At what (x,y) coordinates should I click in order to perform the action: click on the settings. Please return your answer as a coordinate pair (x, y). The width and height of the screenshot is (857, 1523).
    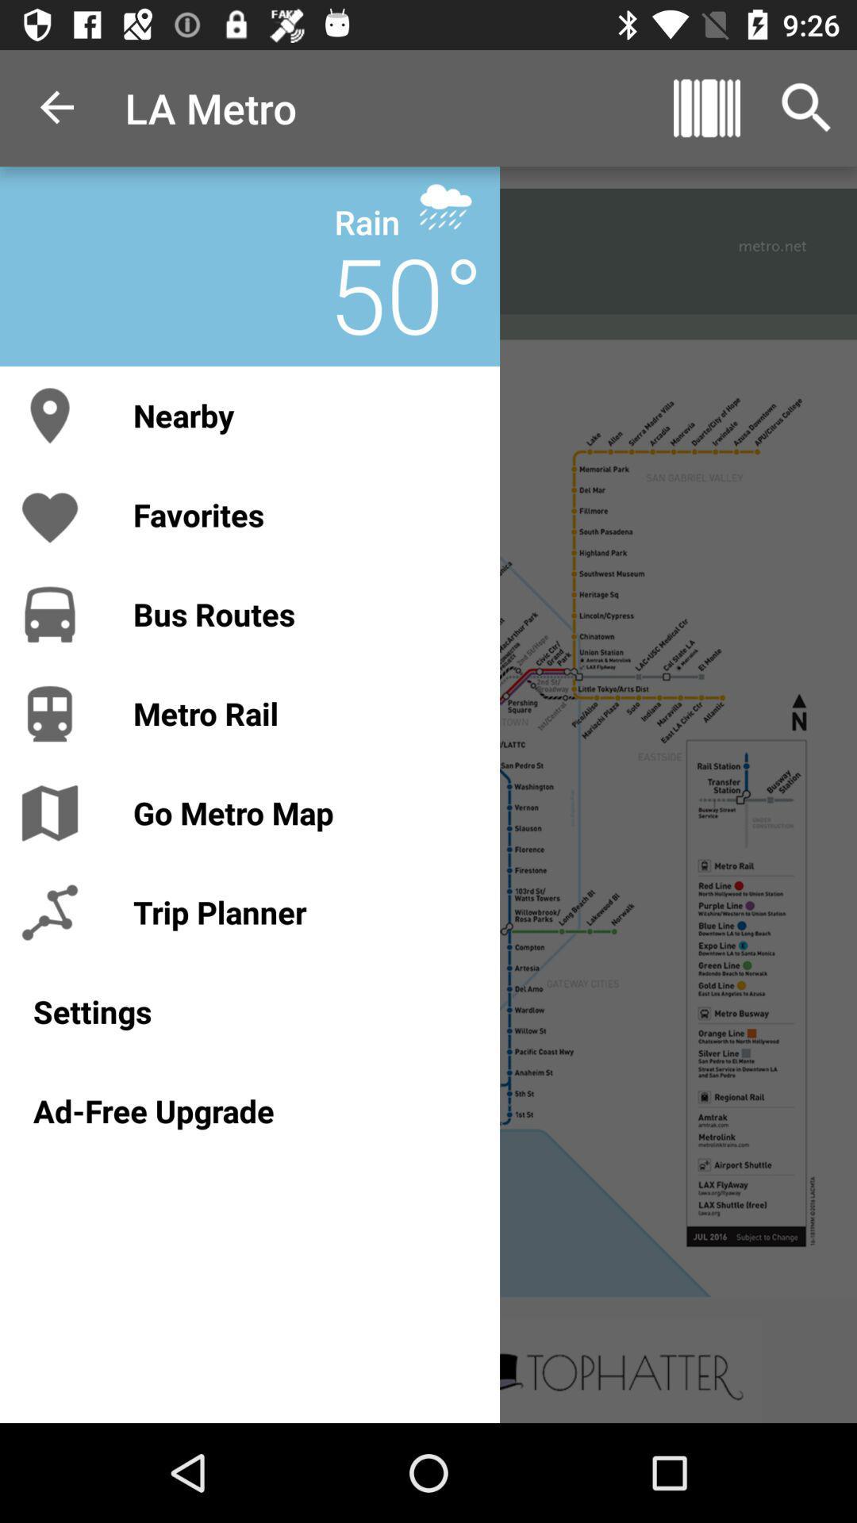
    Looking at the image, I should click on (250, 1011).